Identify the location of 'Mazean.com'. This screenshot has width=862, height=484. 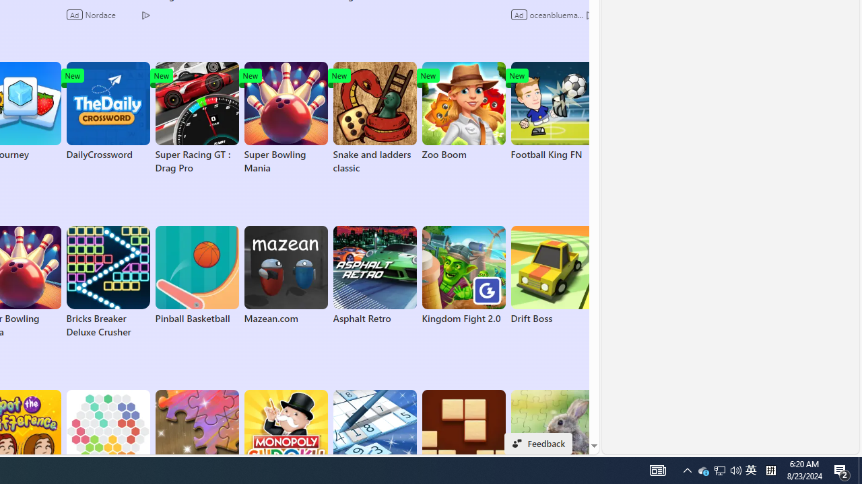
(285, 275).